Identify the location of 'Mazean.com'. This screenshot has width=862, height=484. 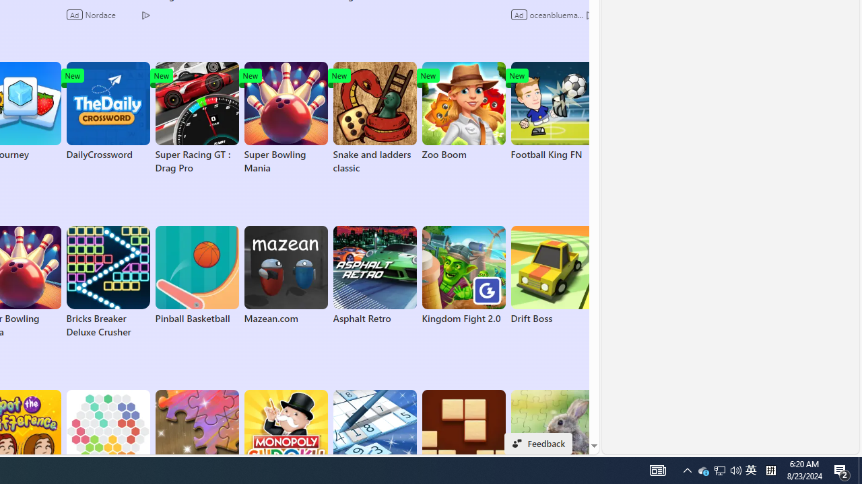
(285, 275).